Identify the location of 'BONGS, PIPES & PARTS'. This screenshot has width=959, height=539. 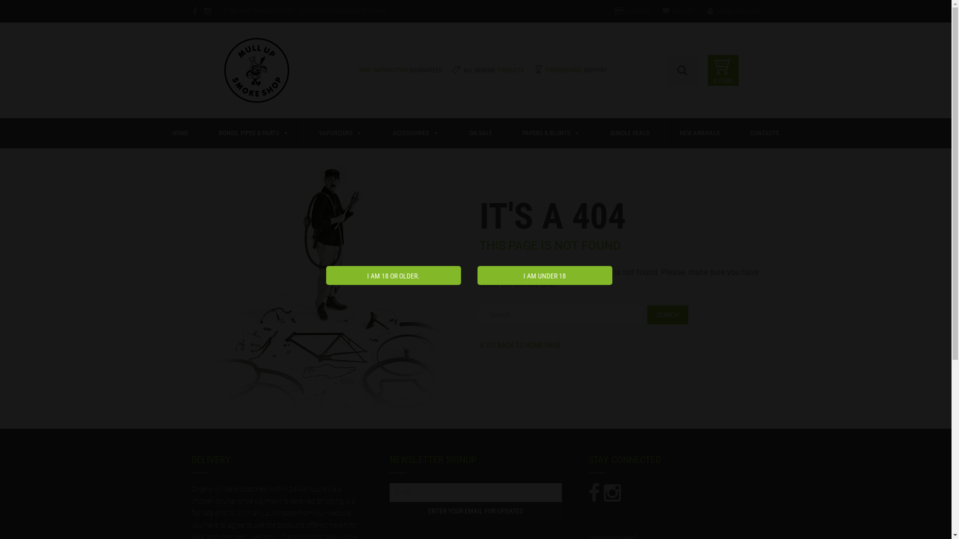
(254, 132).